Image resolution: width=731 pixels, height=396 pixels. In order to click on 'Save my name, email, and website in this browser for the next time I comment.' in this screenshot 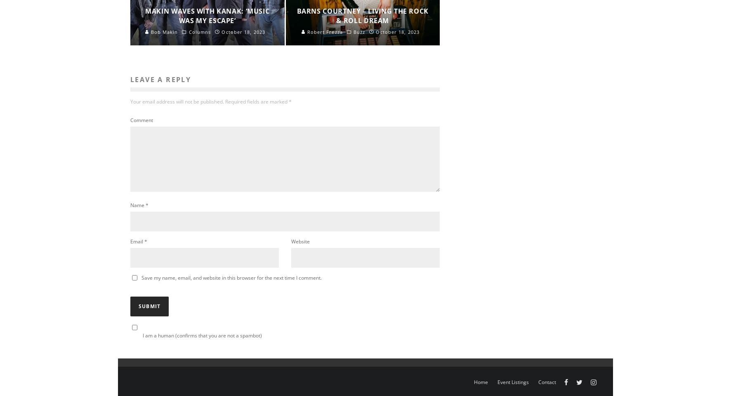, I will do `click(231, 277)`.